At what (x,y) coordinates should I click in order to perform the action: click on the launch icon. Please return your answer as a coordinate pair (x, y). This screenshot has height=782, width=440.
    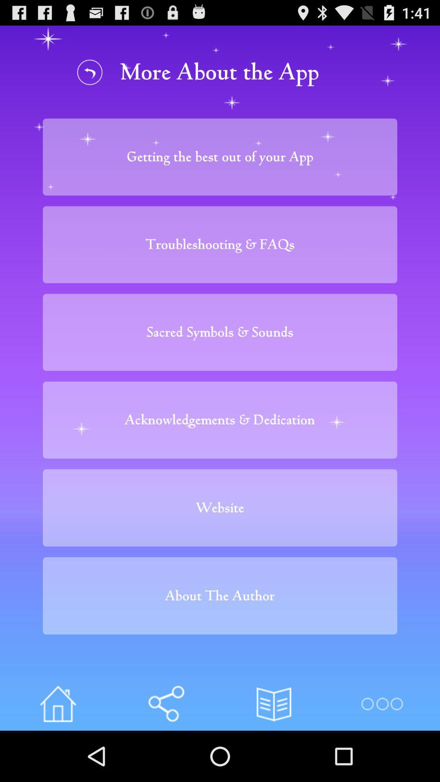
    Looking at the image, I should click on (57, 753).